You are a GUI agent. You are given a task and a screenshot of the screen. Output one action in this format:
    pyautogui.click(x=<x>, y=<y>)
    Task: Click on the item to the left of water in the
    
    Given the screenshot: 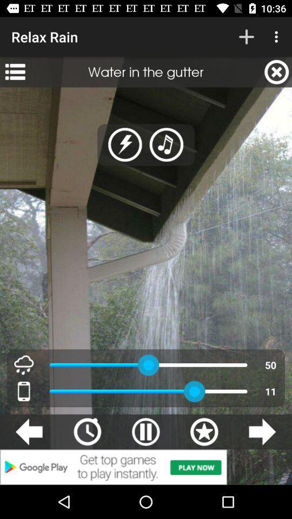 What is the action you would take?
    pyautogui.click(x=15, y=71)
    